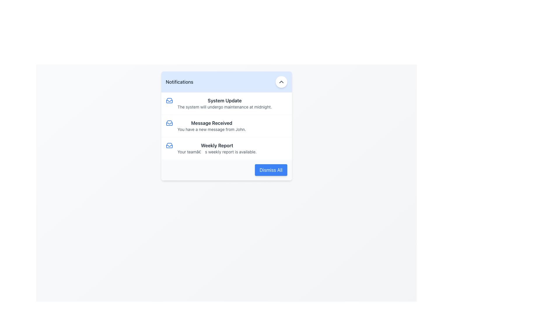 The width and height of the screenshot is (560, 315). What do you see at coordinates (169, 100) in the screenshot?
I see `the inbox icon located at the upper left corner of the first item in the notifications list to read the related 'System Update' message` at bounding box center [169, 100].